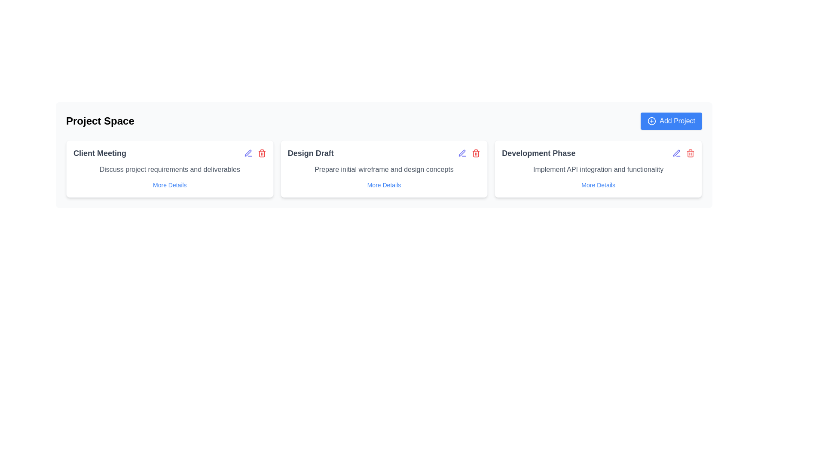 This screenshot has width=825, height=464. Describe the element at coordinates (383, 169) in the screenshot. I see `the text element that reads 'Prepare initial wireframe and design concepts', which is styled in gray color and positioned below the bold header 'Design Draft'` at that location.